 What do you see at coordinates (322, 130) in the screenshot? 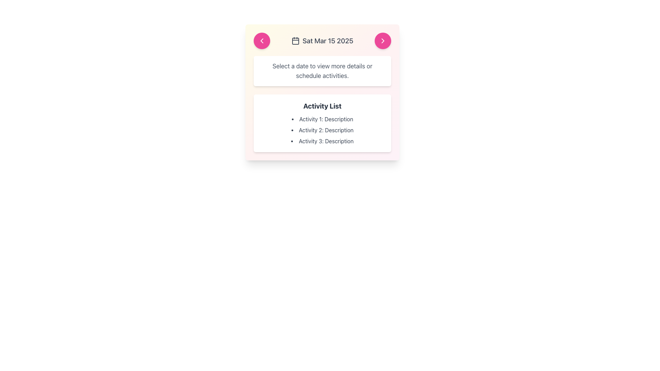
I see `the non-interactive Text List element displaying activities and their descriptions, located within the 'Activity List' section inside a white rectangular card` at bounding box center [322, 130].